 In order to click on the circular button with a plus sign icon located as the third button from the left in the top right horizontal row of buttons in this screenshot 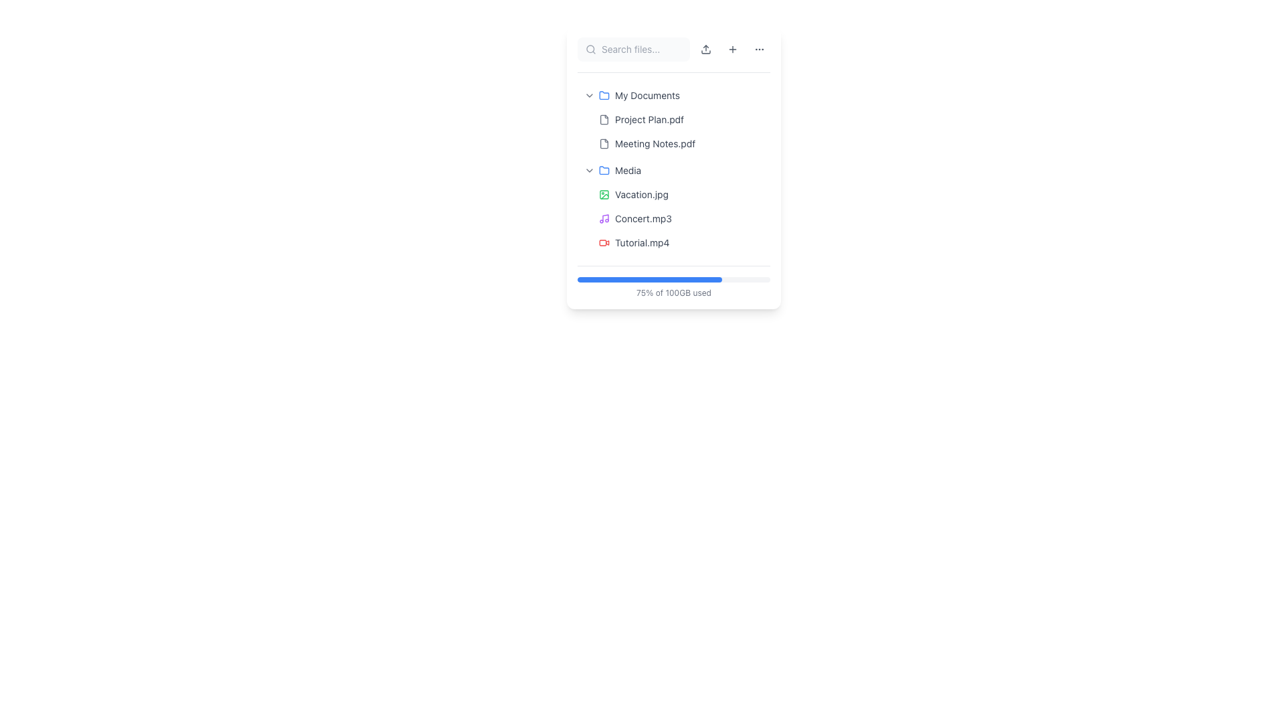, I will do `click(732, 48)`.